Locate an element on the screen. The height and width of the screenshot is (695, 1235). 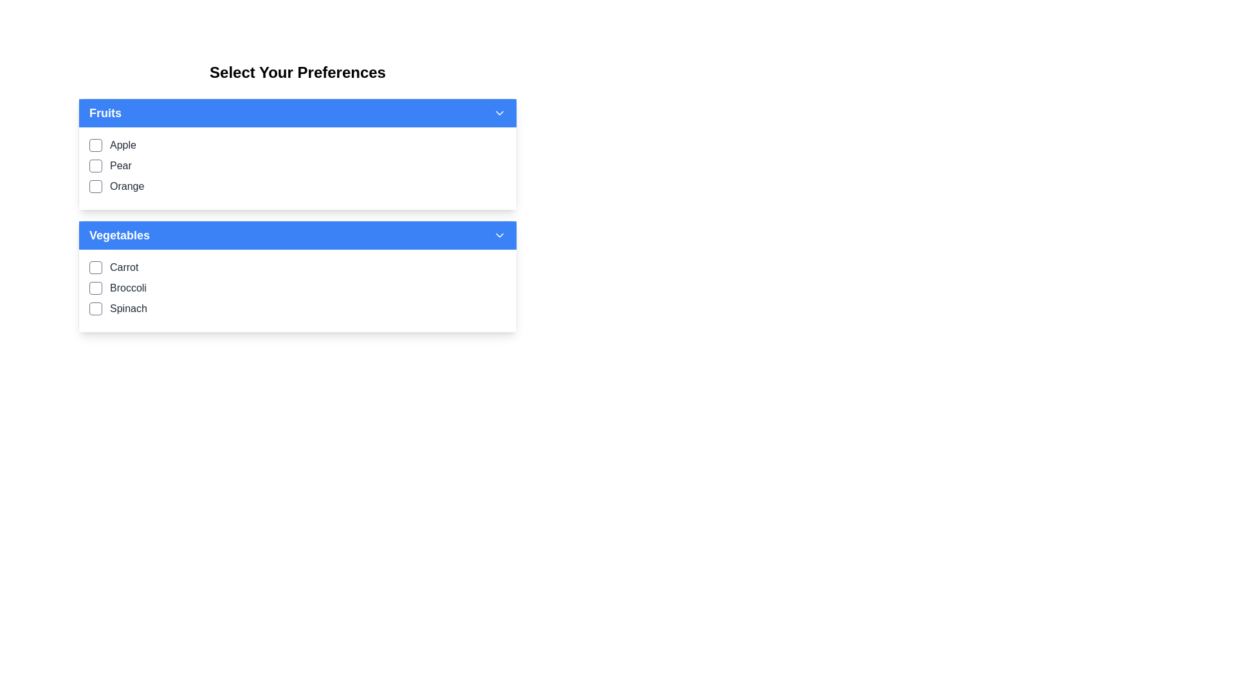
the checkbox for 'Spinach' located under the 'Vegetables' section to trigger the hover effect is located at coordinates (95, 308).